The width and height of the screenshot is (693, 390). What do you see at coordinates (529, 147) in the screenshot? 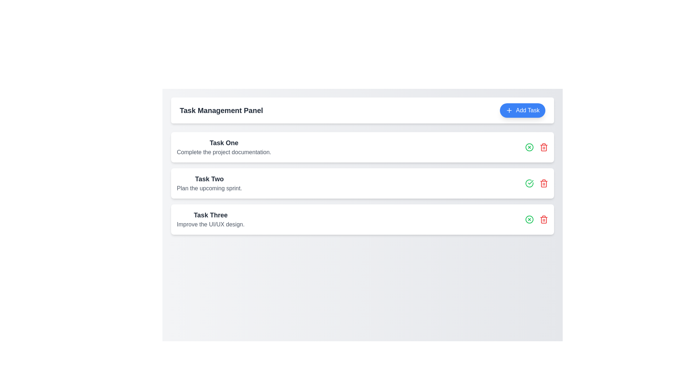
I see `the icon button` at bounding box center [529, 147].